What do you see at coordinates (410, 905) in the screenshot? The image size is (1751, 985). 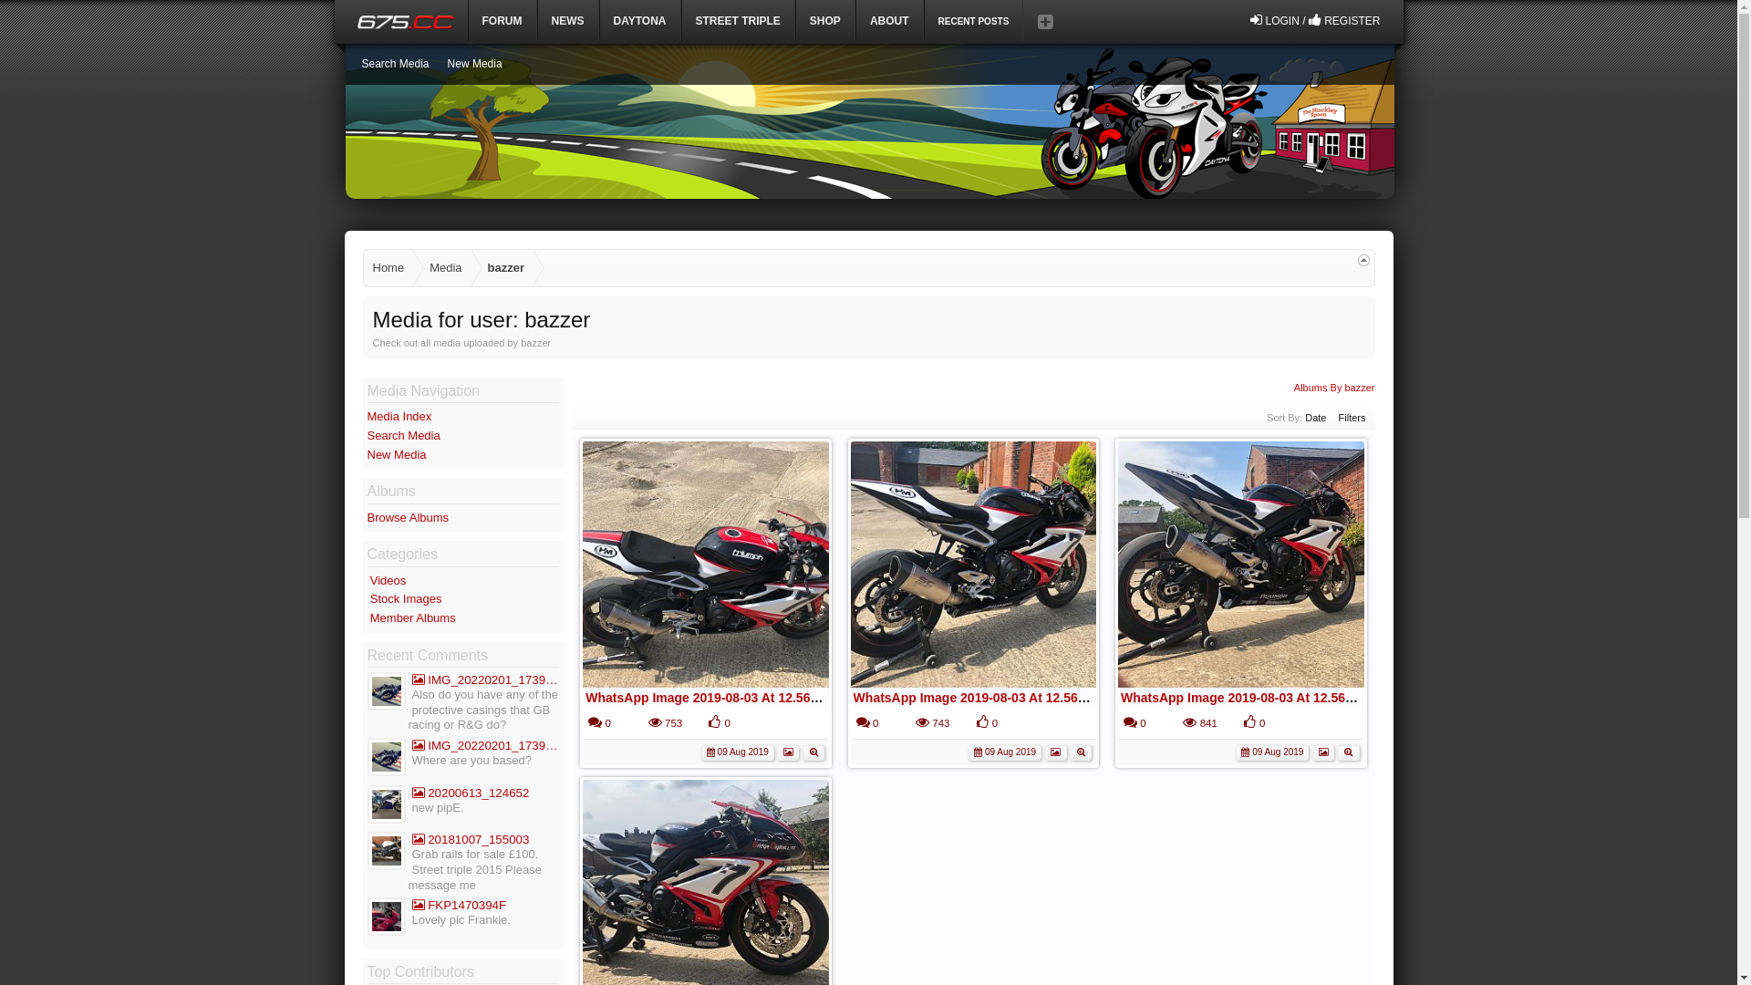 I see `'FKP1470394F'` at bounding box center [410, 905].